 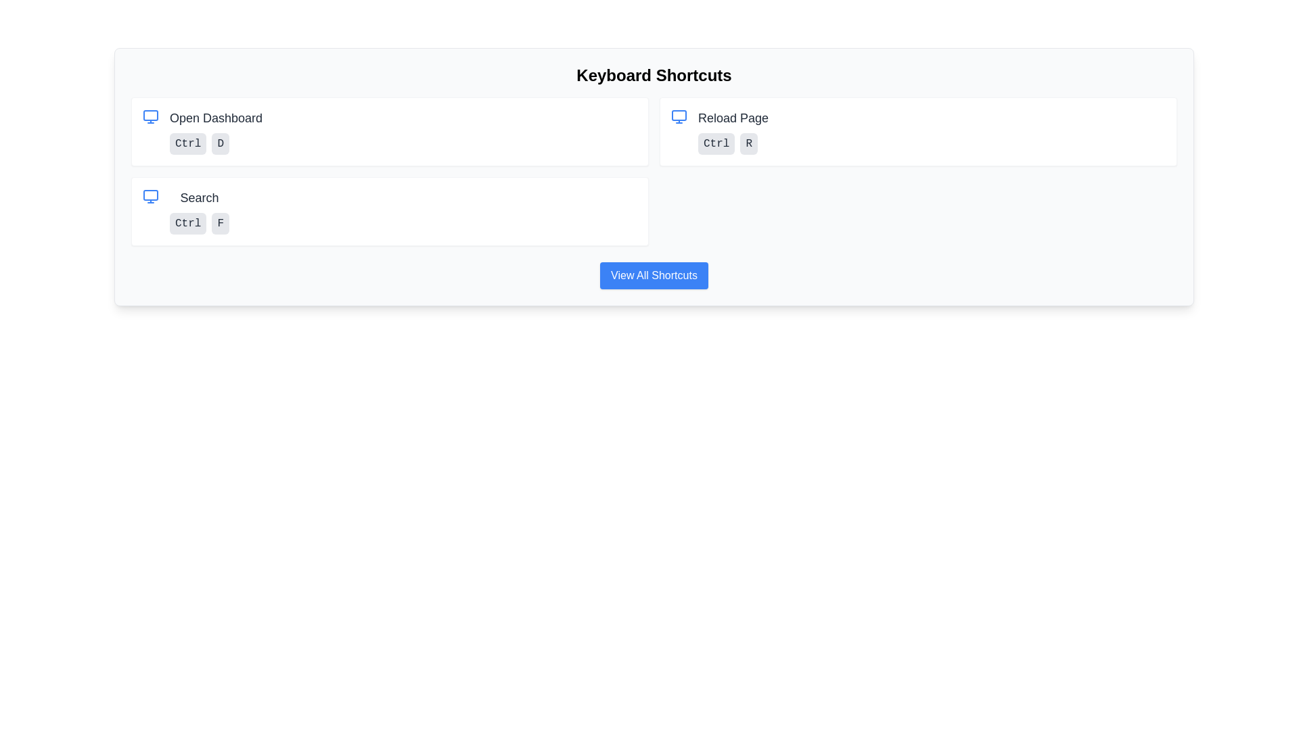 What do you see at coordinates (918, 132) in the screenshot?
I see `the informational group element that indicates the keyboard shortcut 'Ctrl + R' for reloading the page, located in the second column of the 'Keyboard Shortcuts' section` at bounding box center [918, 132].